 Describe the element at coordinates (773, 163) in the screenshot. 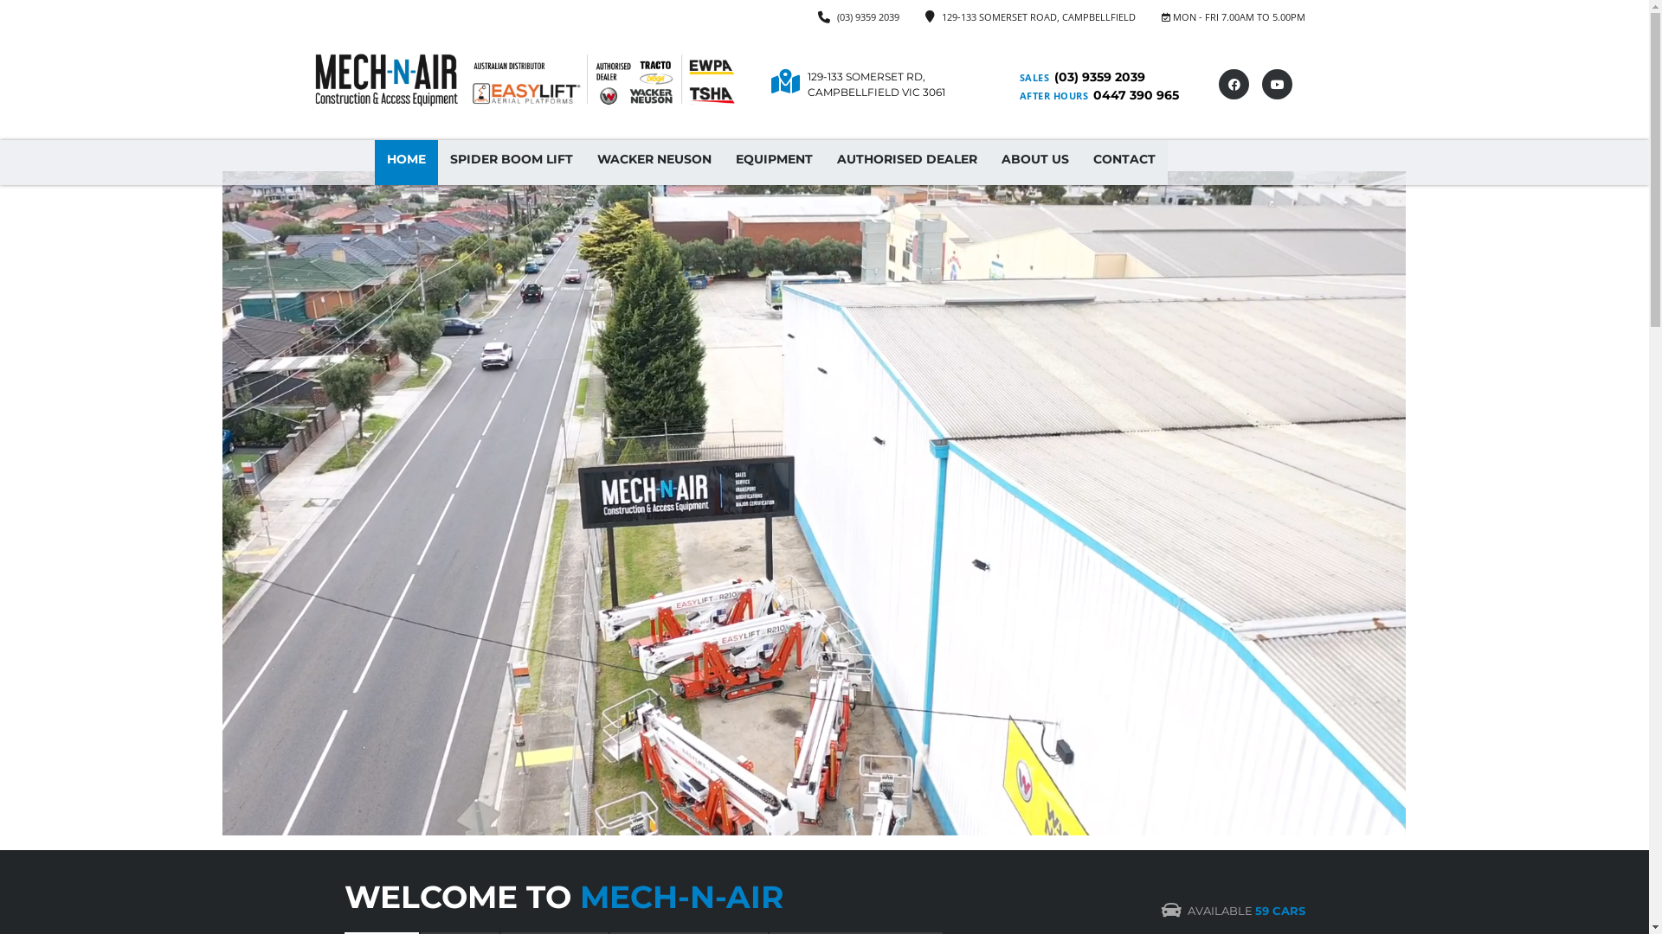

I see `'EQUIPMENT'` at that location.